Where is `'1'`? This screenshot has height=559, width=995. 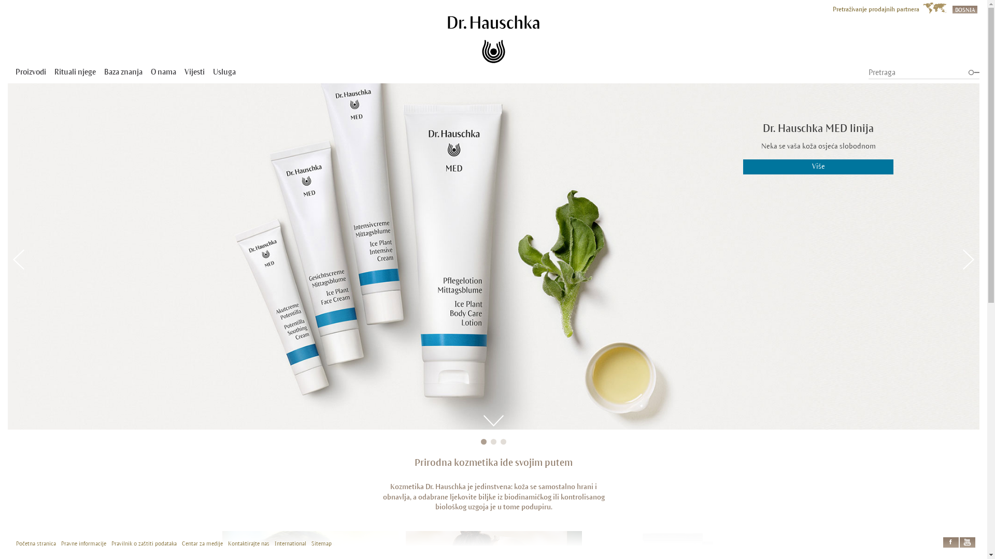
'1' is located at coordinates (483, 442).